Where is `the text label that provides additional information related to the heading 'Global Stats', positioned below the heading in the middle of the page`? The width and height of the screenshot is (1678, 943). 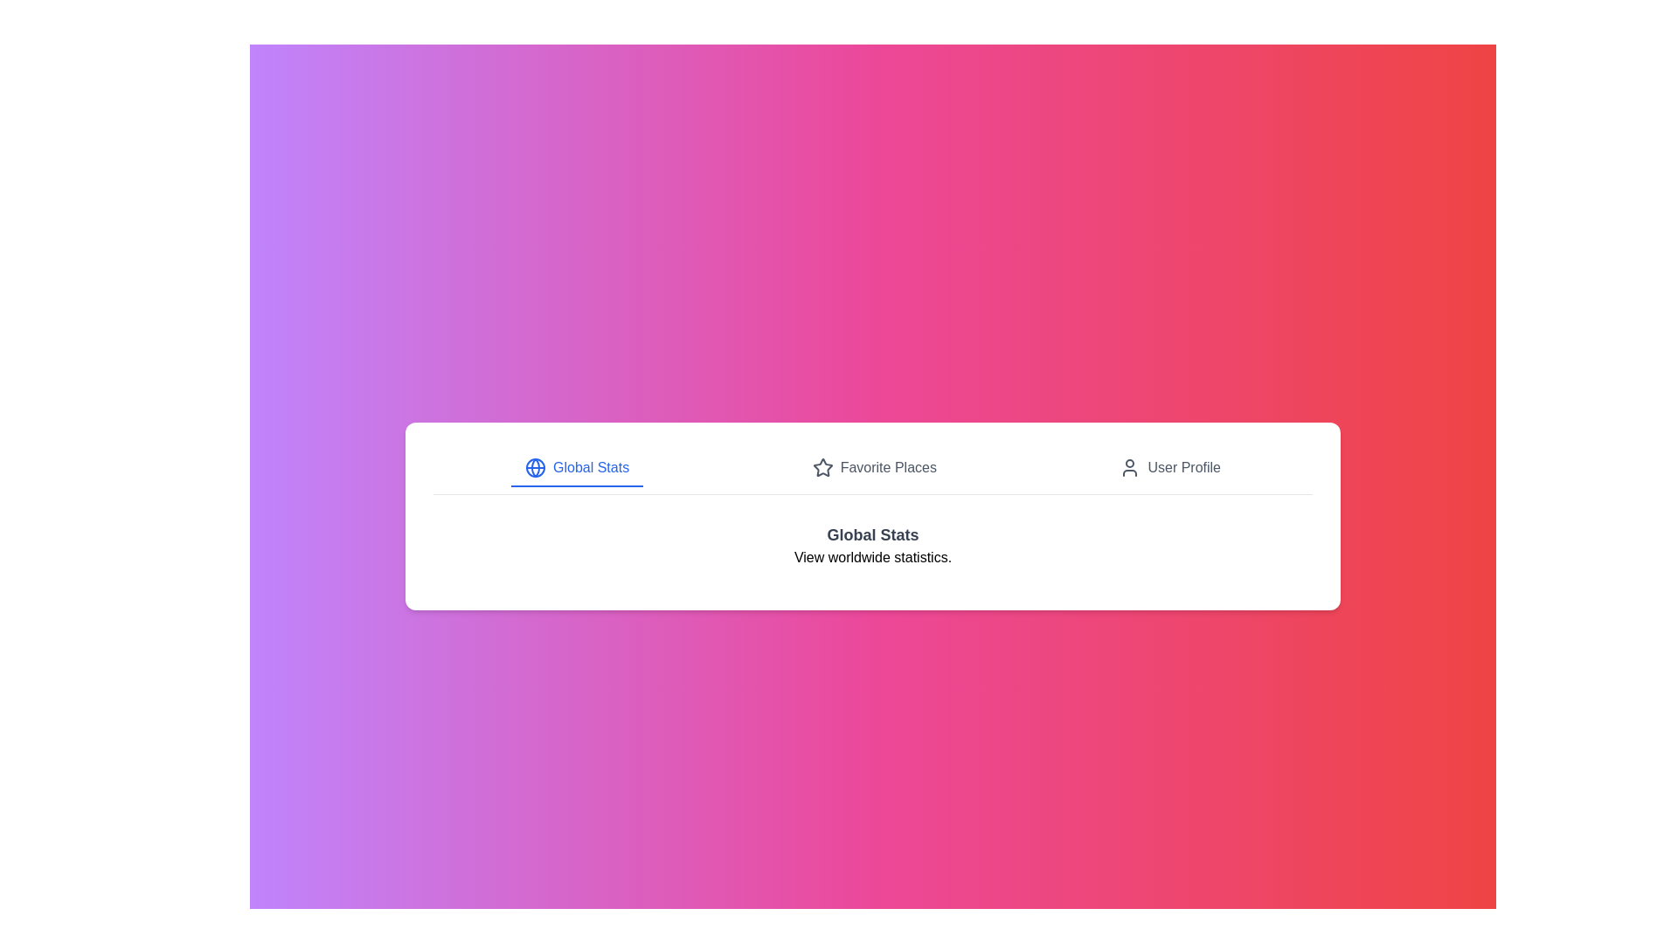
the text label that provides additional information related to the heading 'Global Stats', positioned below the heading in the middle of the page is located at coordinates (872, 557).